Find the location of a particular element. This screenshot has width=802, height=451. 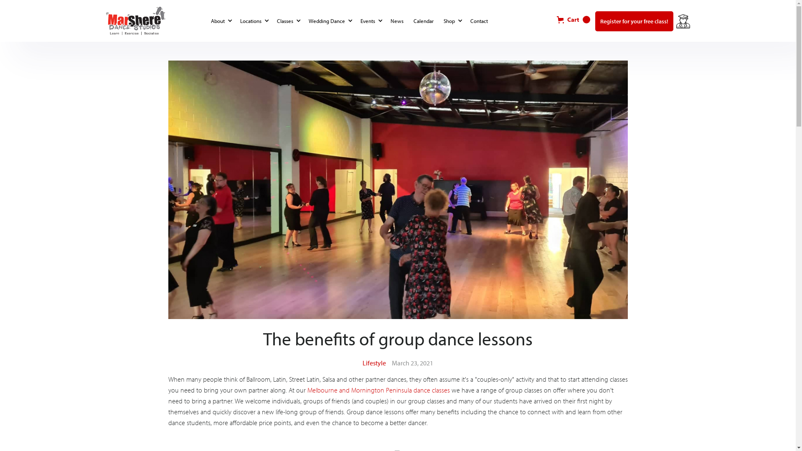

'Contact' is located at coordinates (467, 20).